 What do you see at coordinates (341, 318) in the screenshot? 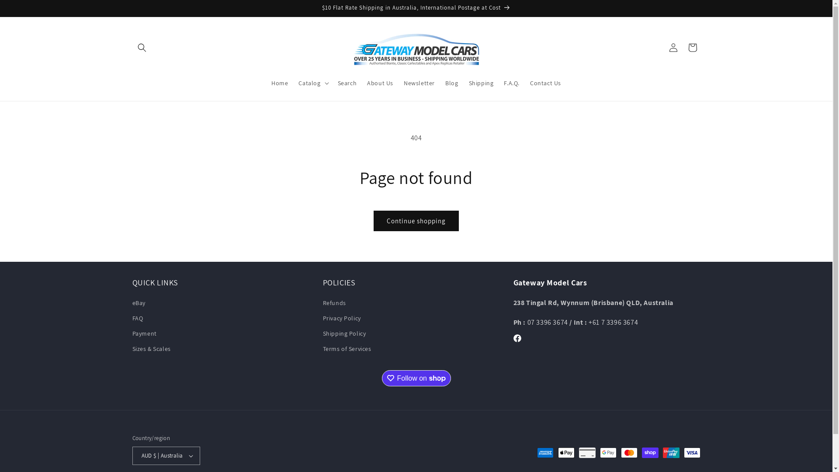
I see `'Privacy Policy'` at bounding box center [341, 318].